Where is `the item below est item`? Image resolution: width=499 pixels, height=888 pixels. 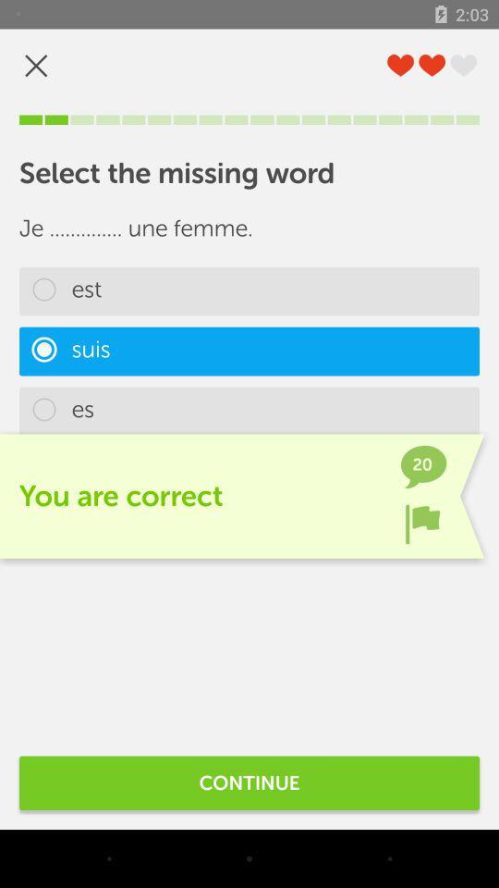
the item below est item is located at coordinates (249, 351).